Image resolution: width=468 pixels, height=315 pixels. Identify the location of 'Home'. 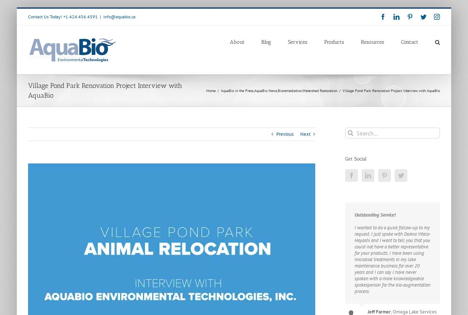
(210, 91).